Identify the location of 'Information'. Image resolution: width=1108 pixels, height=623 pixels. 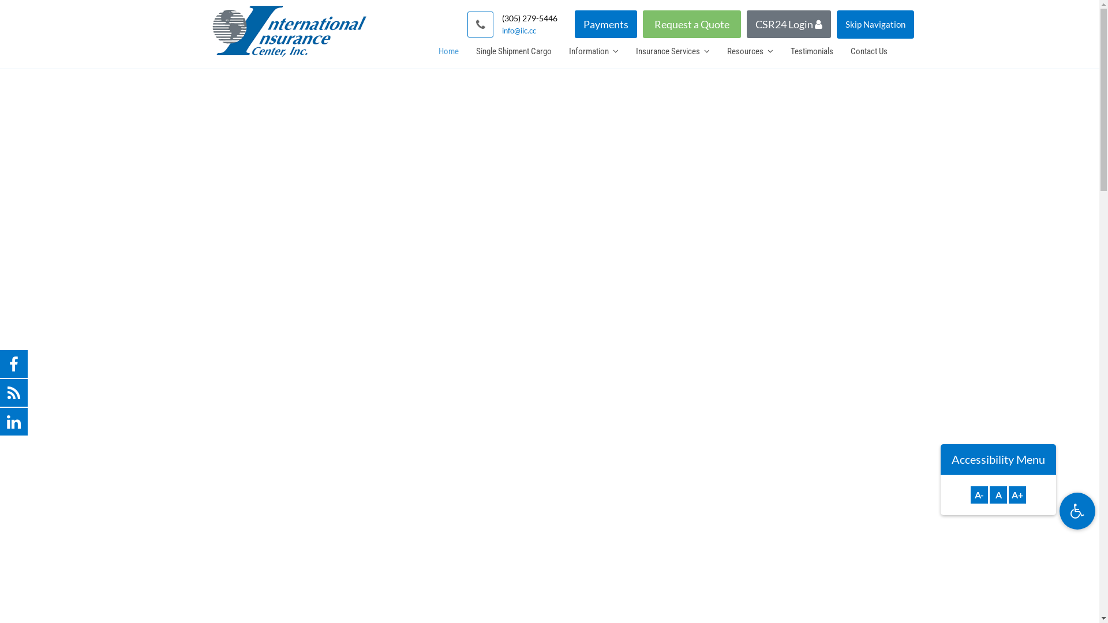
(593, 50).